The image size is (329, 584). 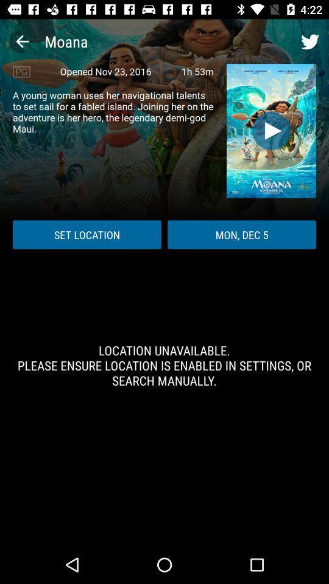 What do you see at coordinates (113, 112) in the screenshot?
I see `the a young woman icon` at bounding box center [113, 112].